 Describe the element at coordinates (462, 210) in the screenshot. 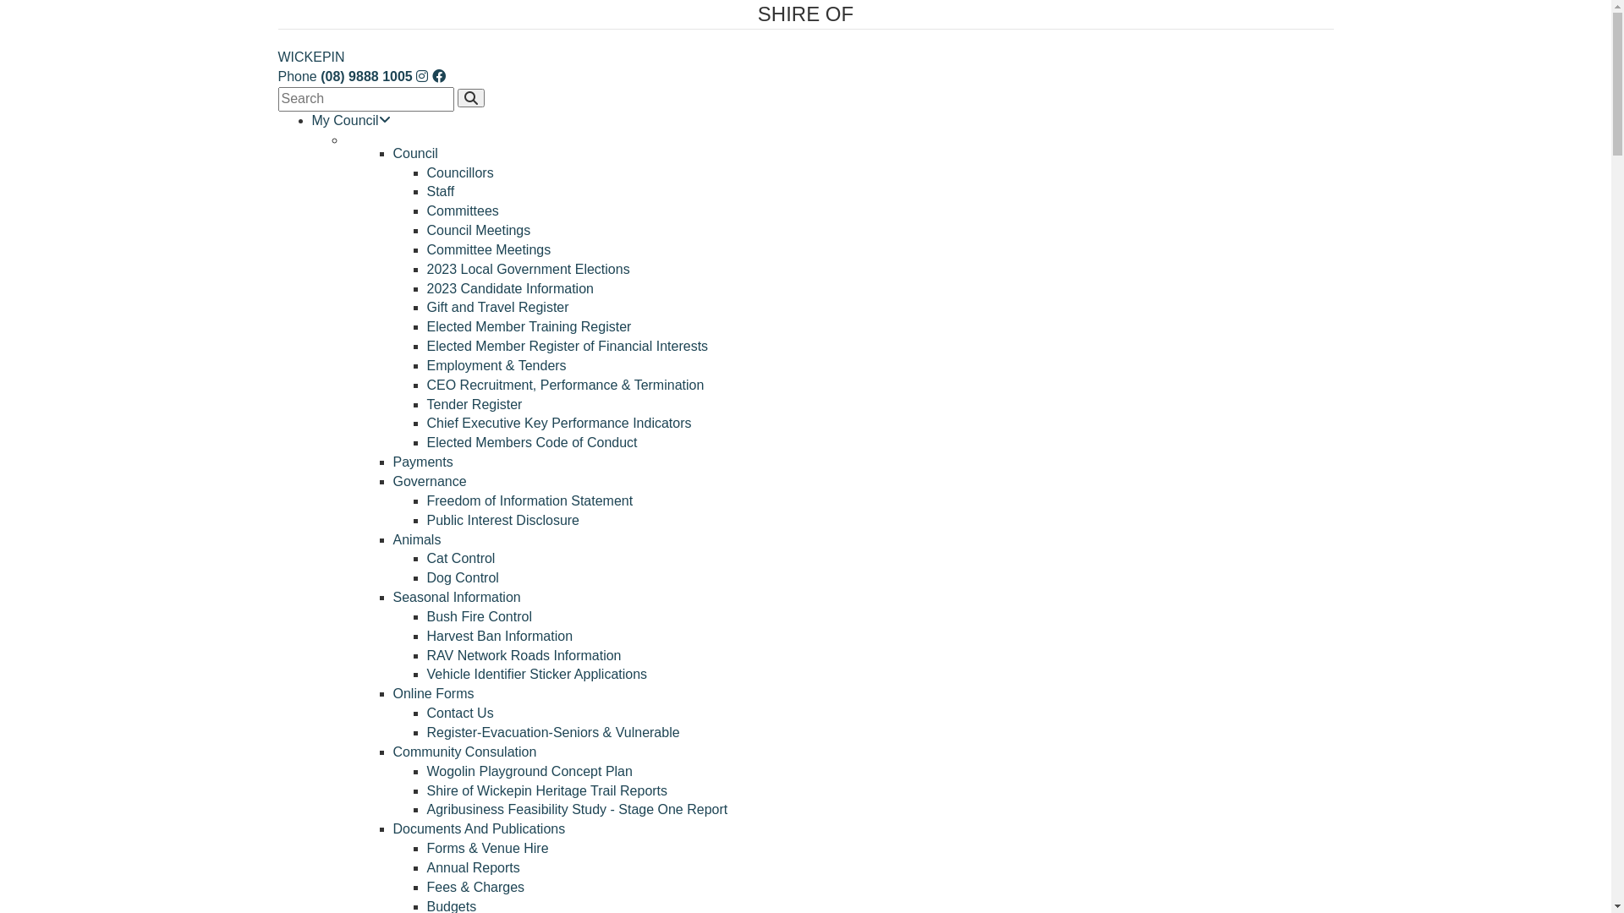

I see `'Committees'` at that location.